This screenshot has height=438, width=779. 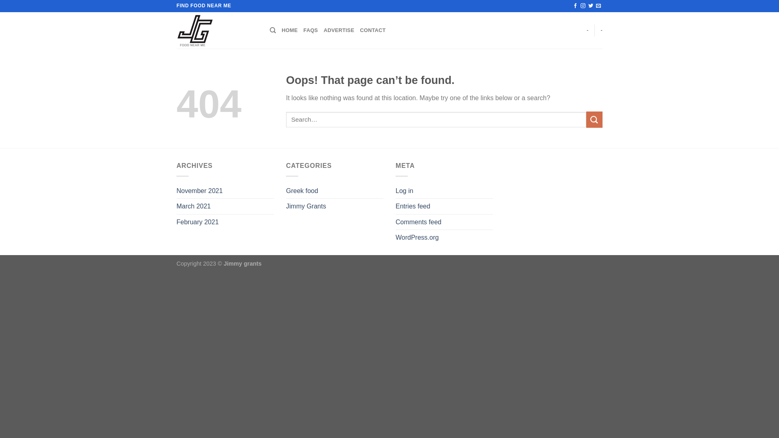 What do you see at coordinates (339, 30) in the screenshot?
I see `'ADVERTISE'` at bounding box center [339, 30].